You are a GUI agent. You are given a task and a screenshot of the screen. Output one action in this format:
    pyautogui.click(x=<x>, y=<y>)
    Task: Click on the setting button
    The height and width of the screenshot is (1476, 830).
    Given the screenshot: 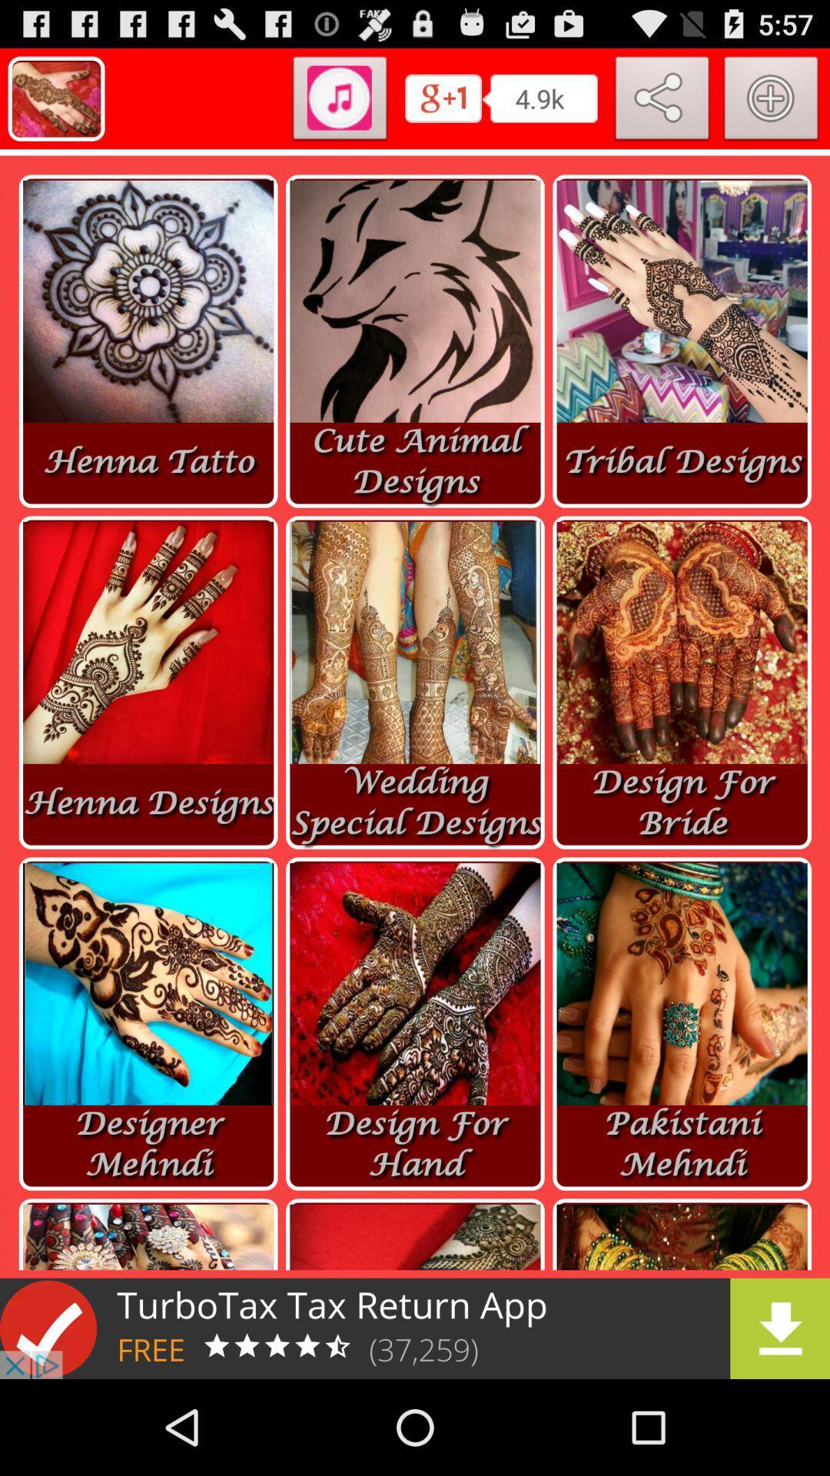 What is the action you would take?
    pyautogui.click(x=771, y=101)
    